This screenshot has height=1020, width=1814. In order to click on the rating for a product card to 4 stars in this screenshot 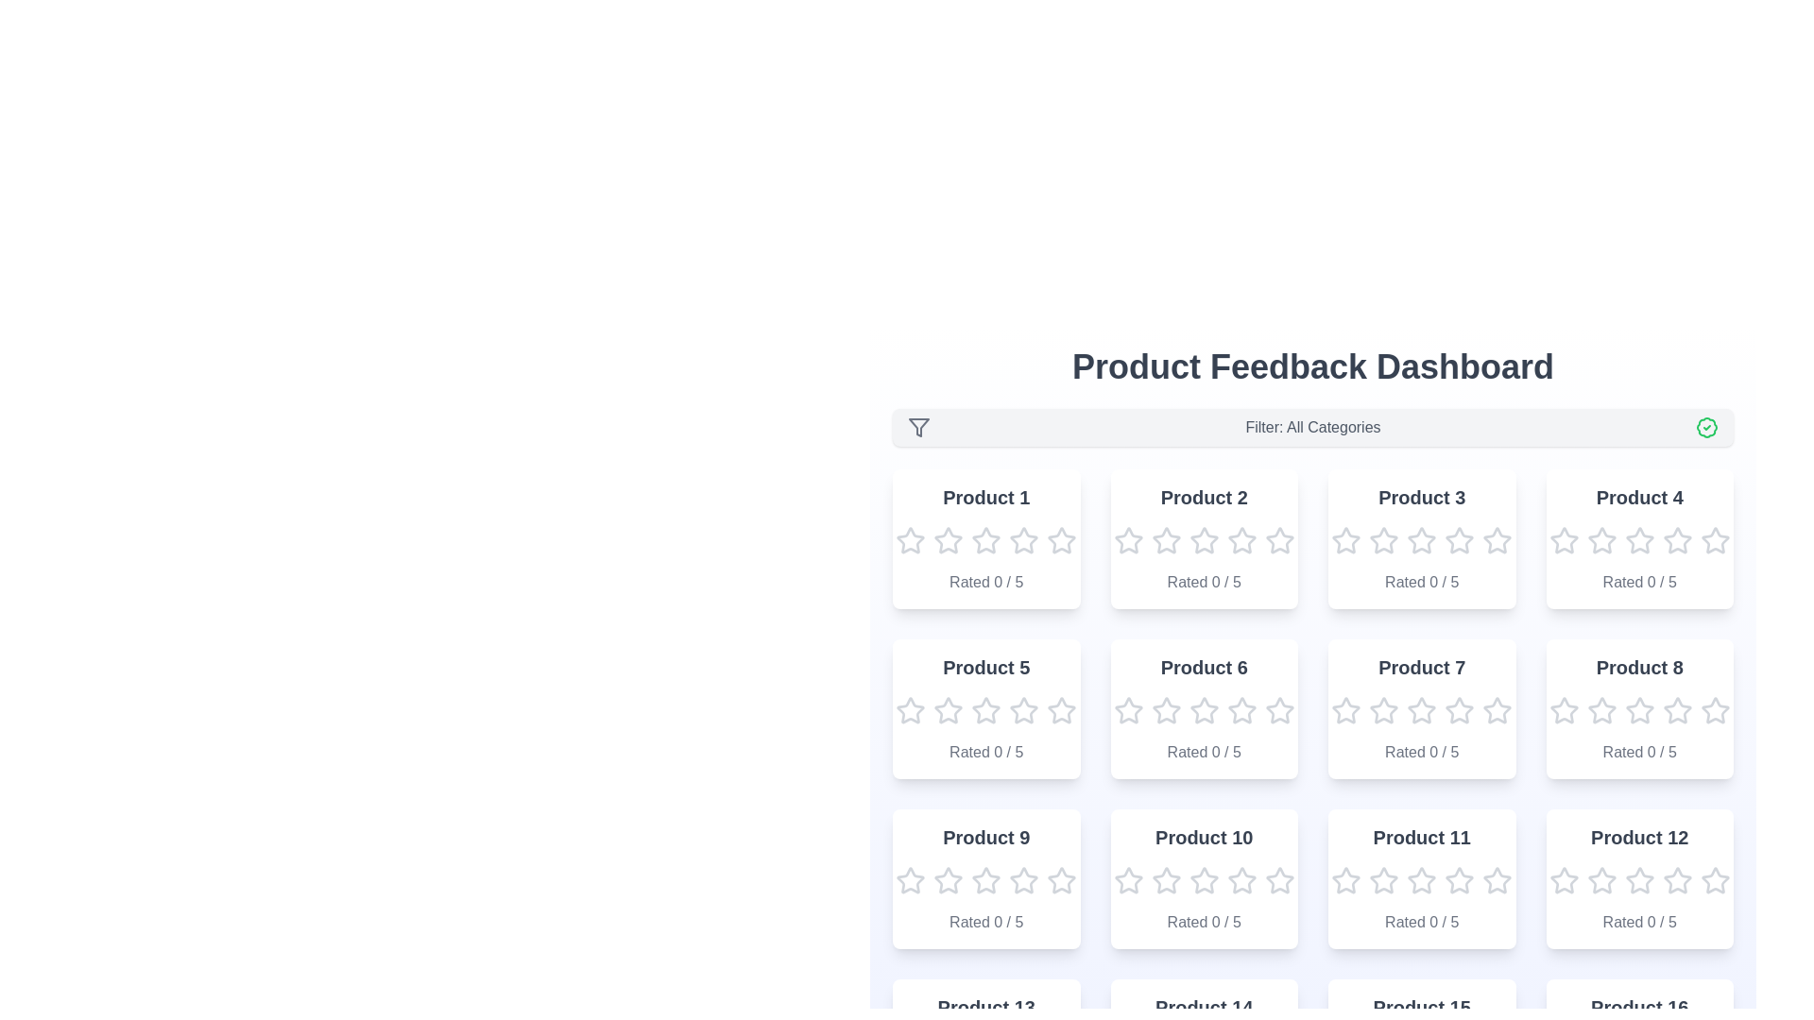, I will do `click(1023, 541)`.